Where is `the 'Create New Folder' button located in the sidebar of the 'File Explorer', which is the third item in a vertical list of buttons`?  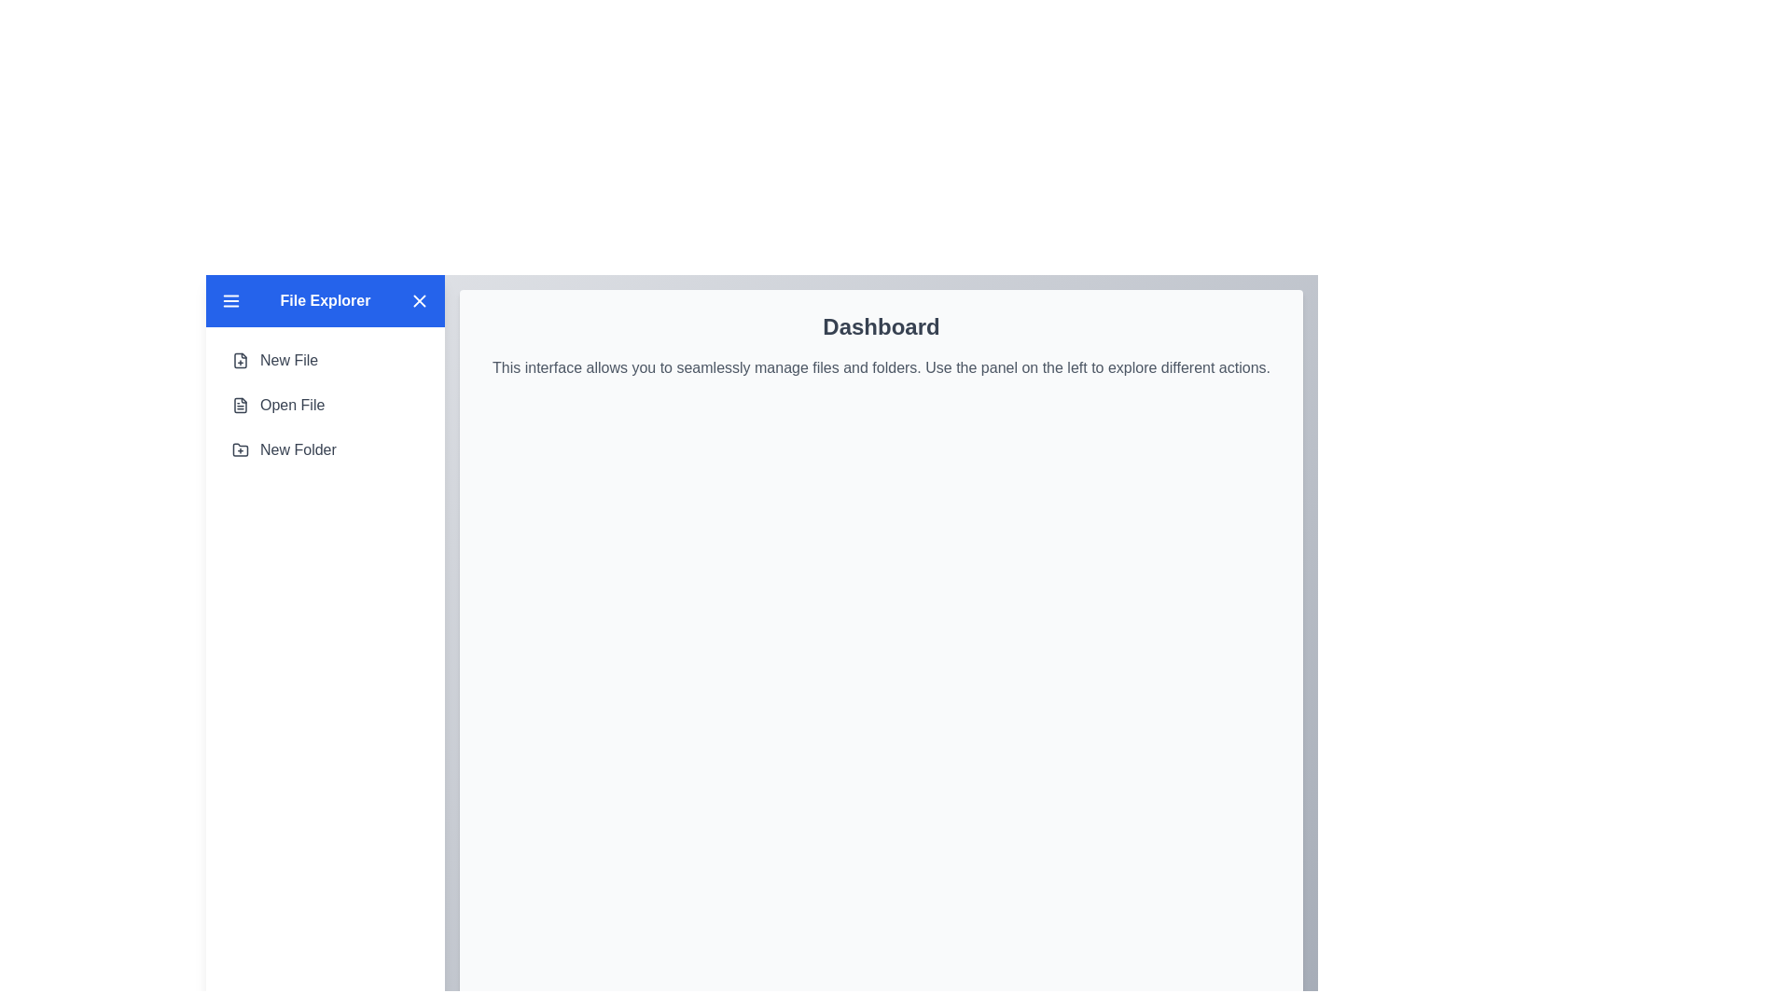
the 'Create New Folder' button located in the sidebar of the 'File Explorer', which is the third item in a vertical list of buttons is located at coordinates (283, 449).